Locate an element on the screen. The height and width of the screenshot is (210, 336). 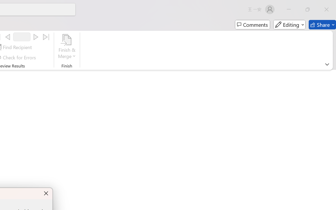
'Share' is located at coordinates (322, 25).